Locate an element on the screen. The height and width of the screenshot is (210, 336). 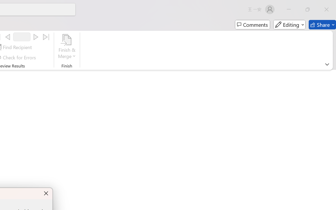
'Share' is located at coordinates (322, 25).